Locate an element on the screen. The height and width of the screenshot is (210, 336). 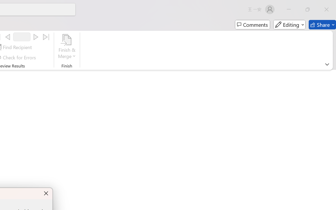
'Share' is located at coordinates (322, 25).